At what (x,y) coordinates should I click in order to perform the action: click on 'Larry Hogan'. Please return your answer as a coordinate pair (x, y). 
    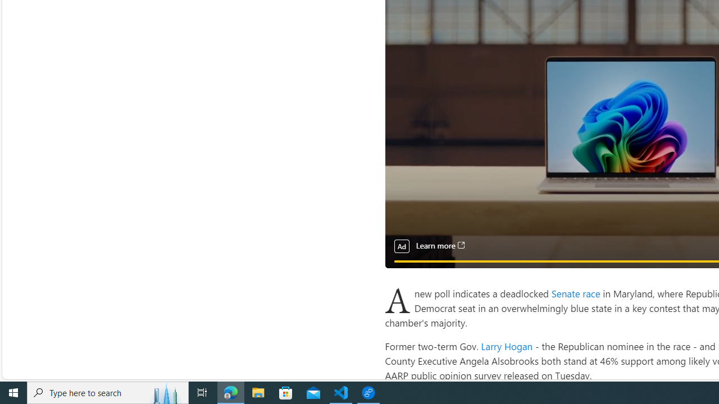
    Looking at the image, I should click on (506, 345).